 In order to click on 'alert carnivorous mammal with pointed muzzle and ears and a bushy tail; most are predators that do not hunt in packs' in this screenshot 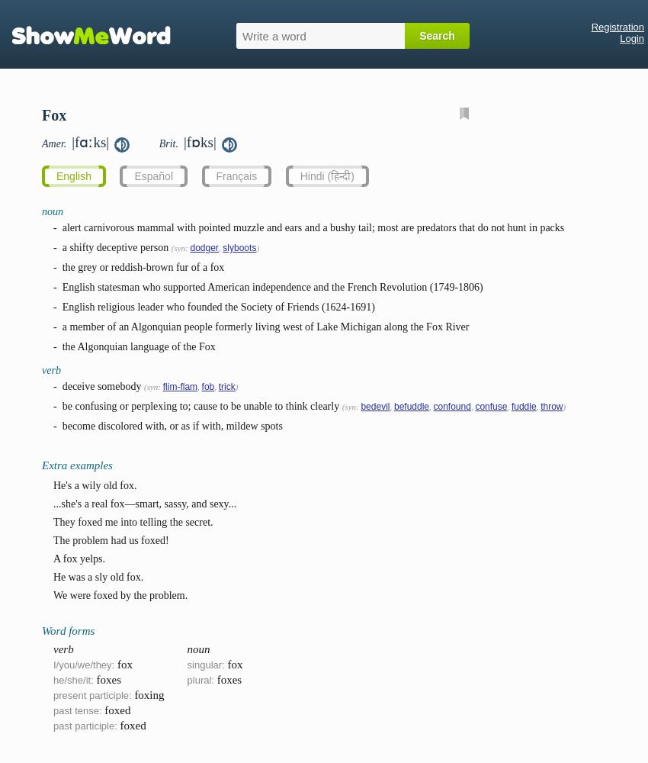, I will do `click(313, 227)`.